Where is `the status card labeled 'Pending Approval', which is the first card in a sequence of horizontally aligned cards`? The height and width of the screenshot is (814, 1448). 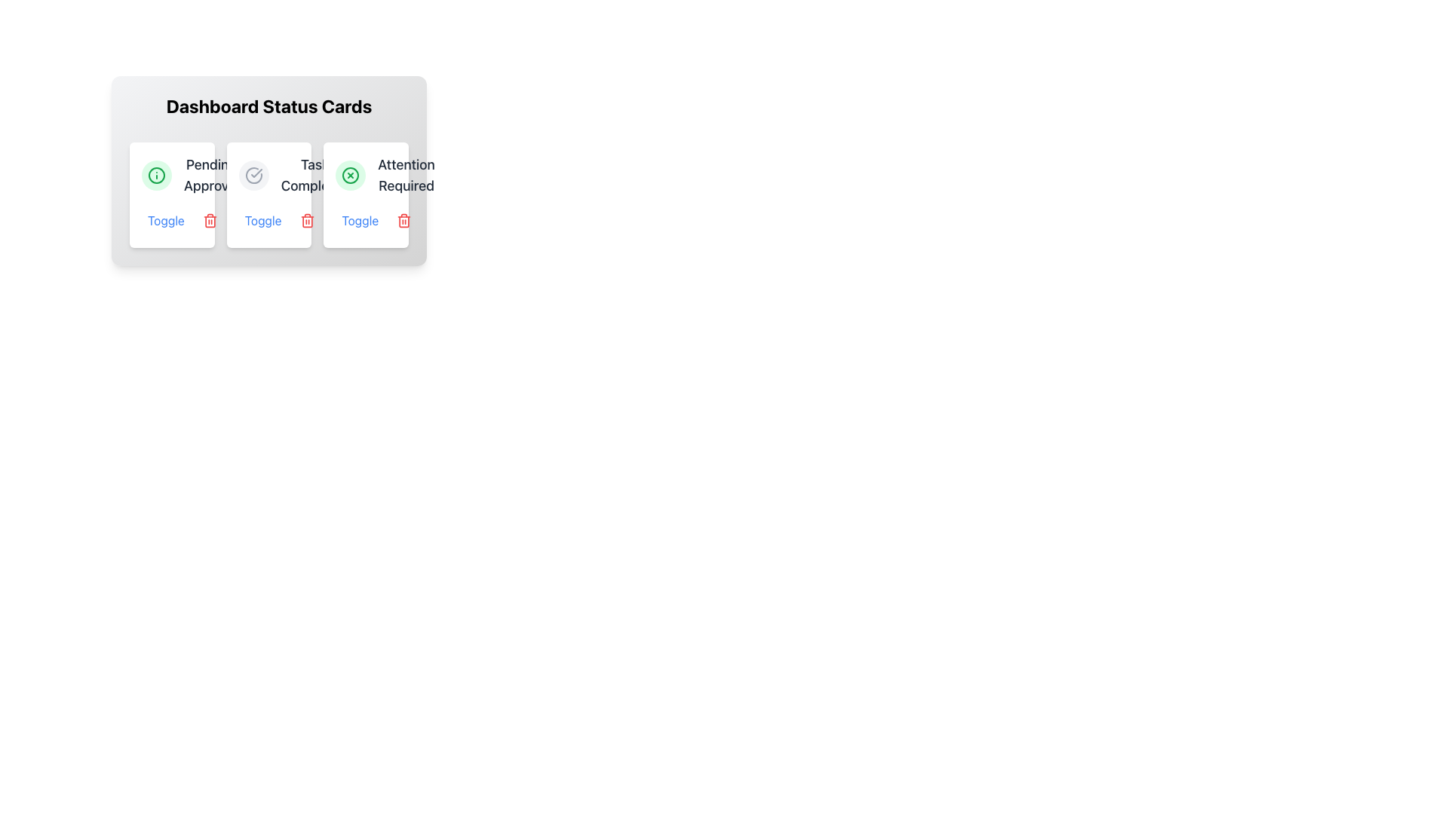
the status card labeled 'Pending Approval', which is the first card in a sequence of horizontally aligned cards is located at coordinates (172, 174).